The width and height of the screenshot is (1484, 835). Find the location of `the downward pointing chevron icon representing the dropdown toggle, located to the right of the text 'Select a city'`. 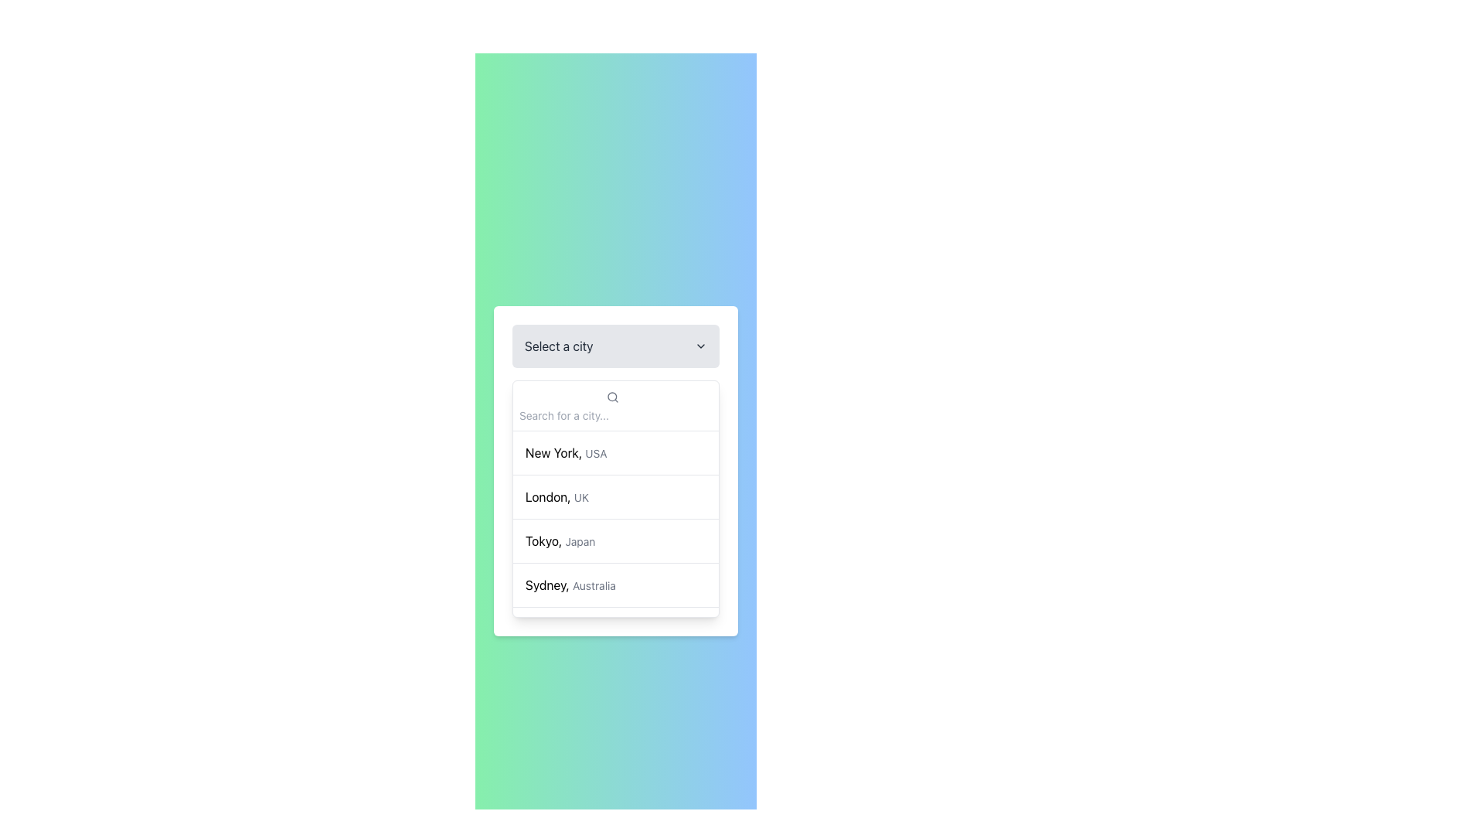

the downward pointing chevron icon representing the dropdown toggle, located to the right of the text 'Select a city' is located at coordinates (700, 345).